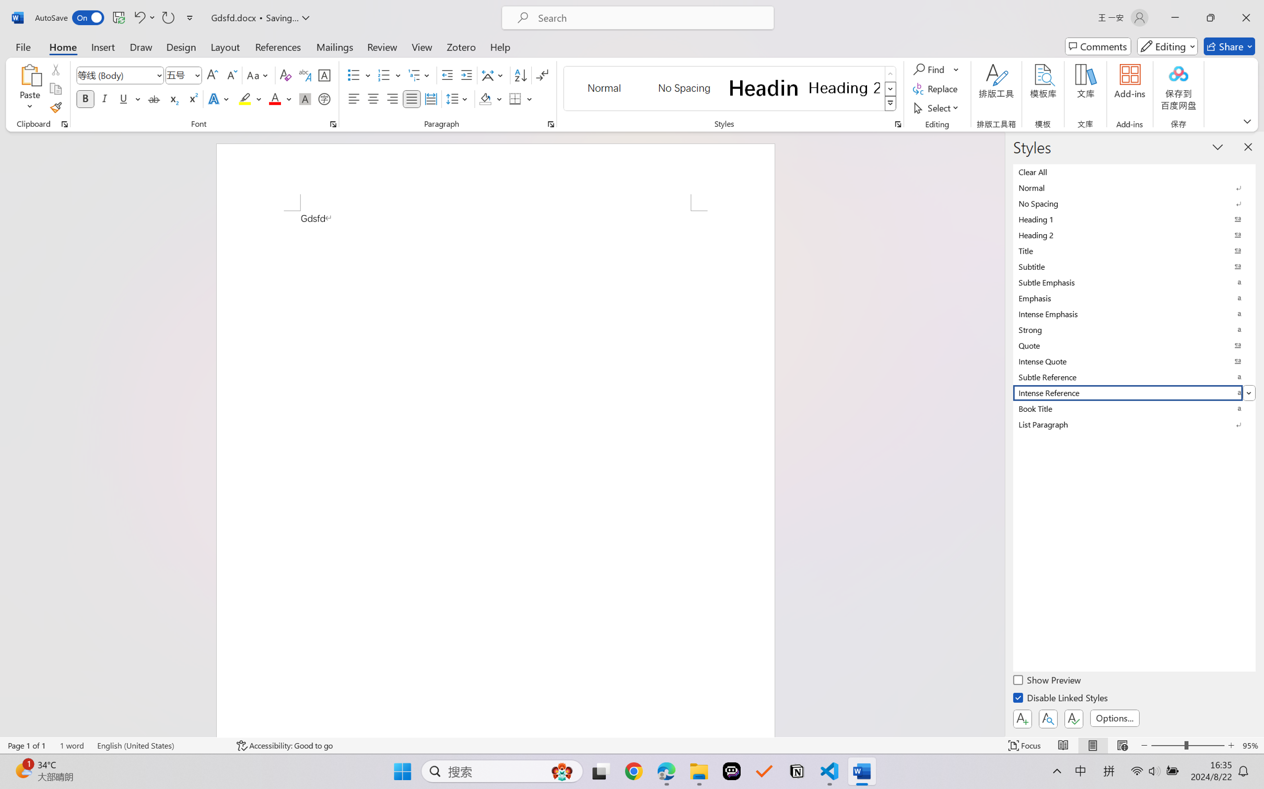  What do you see at coordinates (890, 103) in the screenshot?
I see `'Styles'` at bounding box center [890, 103].